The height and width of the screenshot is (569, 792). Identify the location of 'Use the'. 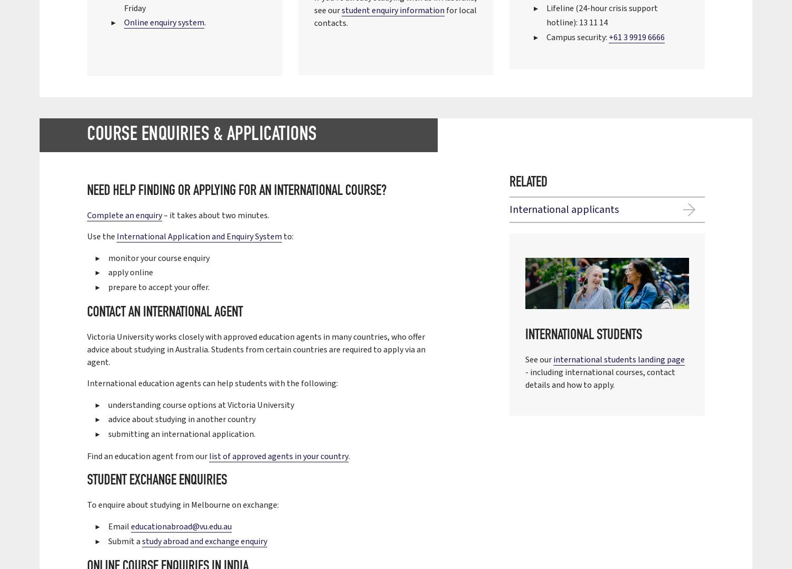
(87, 235).